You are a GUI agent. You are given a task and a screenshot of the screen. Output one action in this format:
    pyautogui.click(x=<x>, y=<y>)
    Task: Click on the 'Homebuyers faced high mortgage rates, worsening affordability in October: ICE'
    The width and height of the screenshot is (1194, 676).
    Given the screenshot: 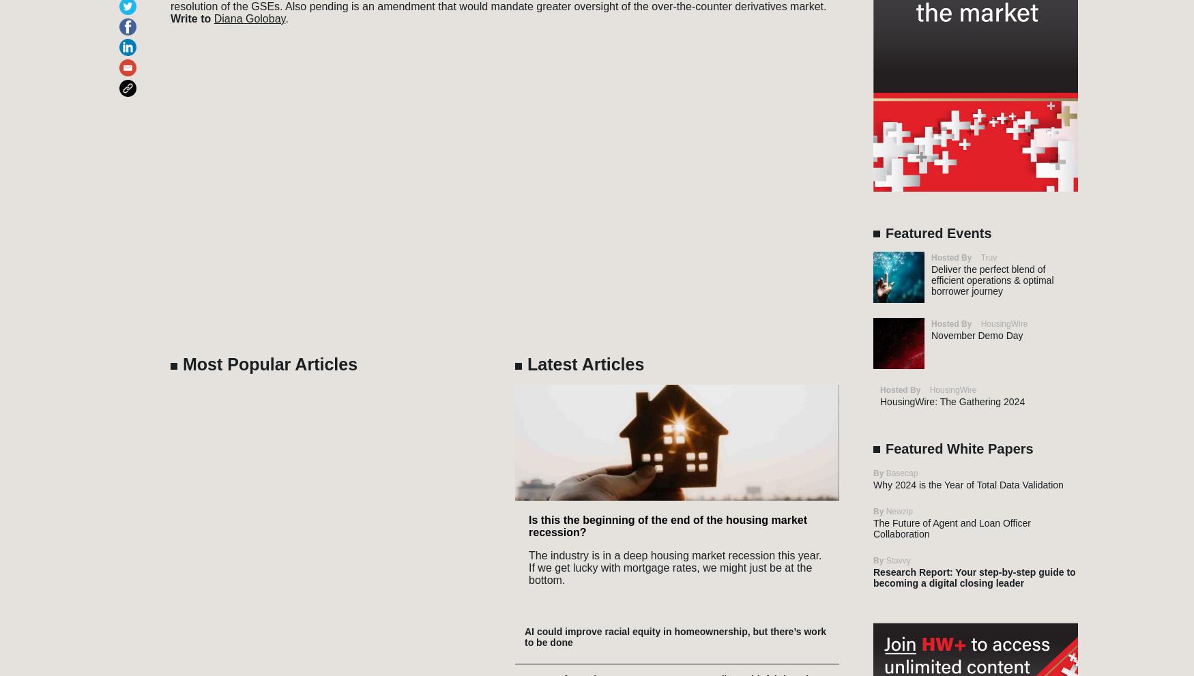 What is the action you would take?
    pyautogui.click(x=675, y=89)
    